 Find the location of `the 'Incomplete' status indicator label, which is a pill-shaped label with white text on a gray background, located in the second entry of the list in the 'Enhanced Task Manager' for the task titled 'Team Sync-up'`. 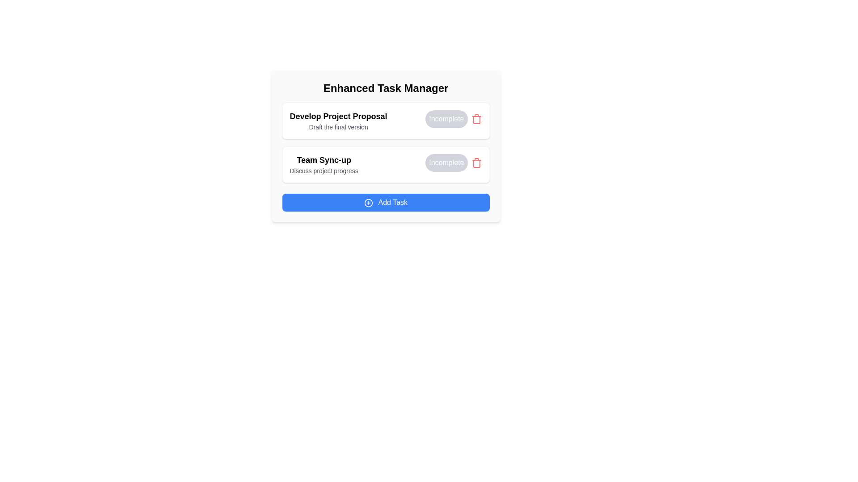

the 'Incomplete' status indicator label, which is a pill-shaped label with white text on a gray background, located in the second entry of the list in the 'Enhanced Task Manager' for the task titled 'Team Sync-up' is located at coordinates (454, 163).